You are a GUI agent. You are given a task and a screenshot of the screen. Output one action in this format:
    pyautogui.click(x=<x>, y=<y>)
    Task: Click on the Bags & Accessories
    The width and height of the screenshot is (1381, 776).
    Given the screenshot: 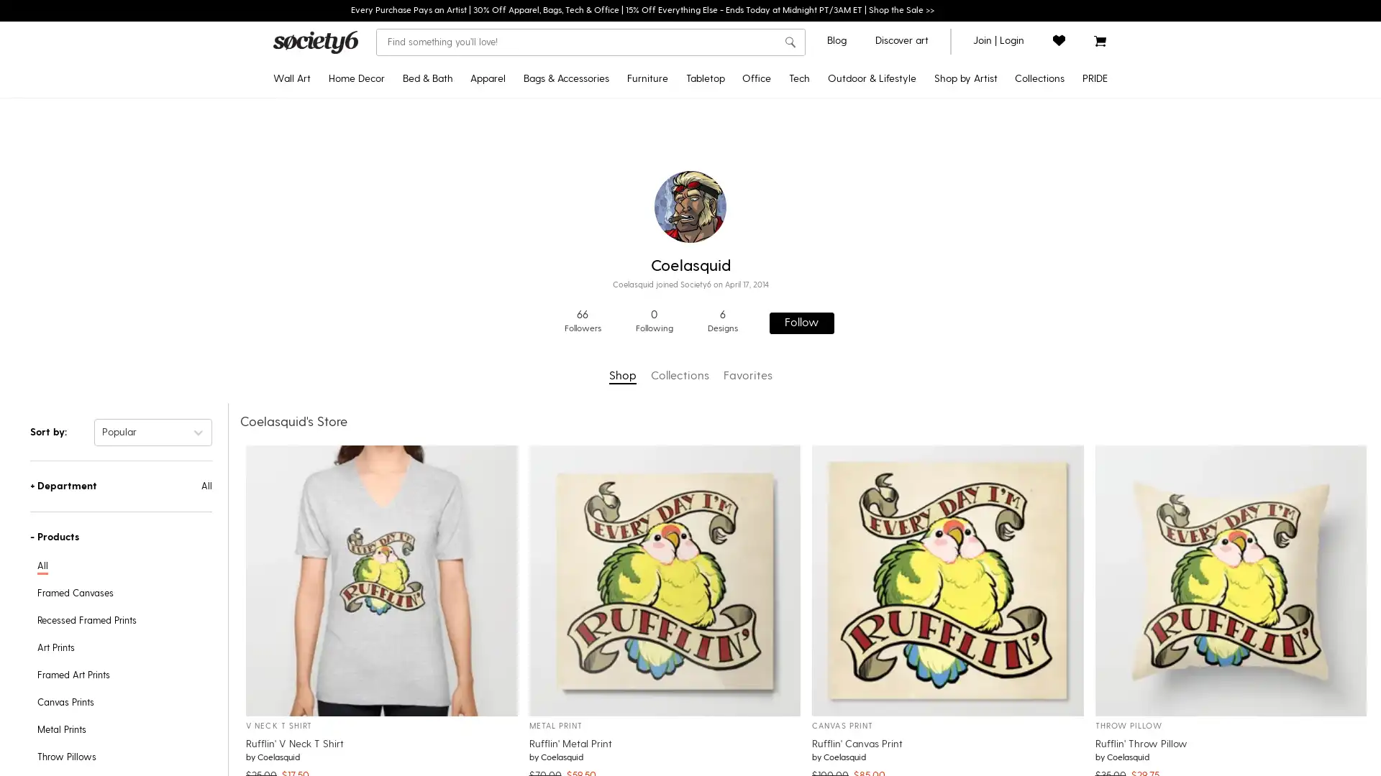 What is the action you would take?
    pyautogui.click(x=565, y=79)
    